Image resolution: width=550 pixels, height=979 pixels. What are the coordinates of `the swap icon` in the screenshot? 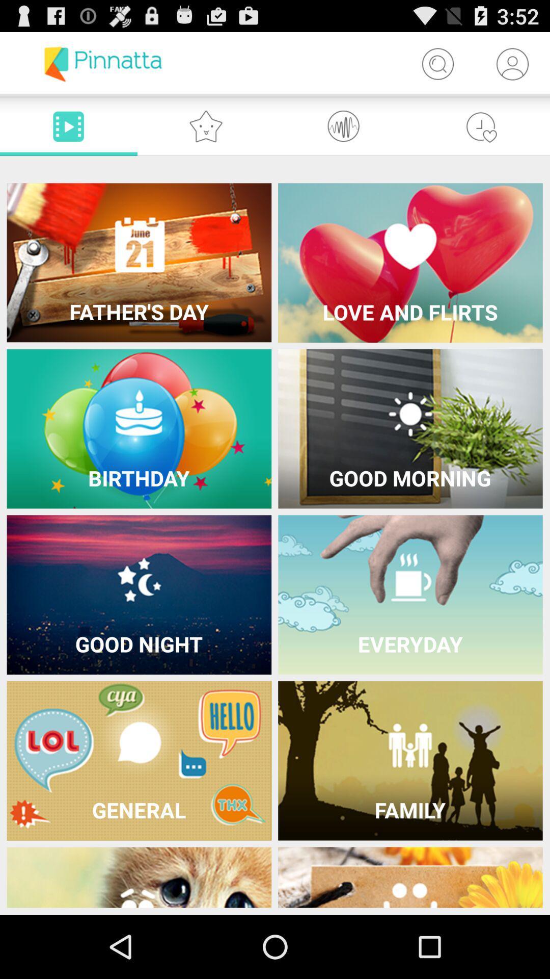 It's located at (344, 134).